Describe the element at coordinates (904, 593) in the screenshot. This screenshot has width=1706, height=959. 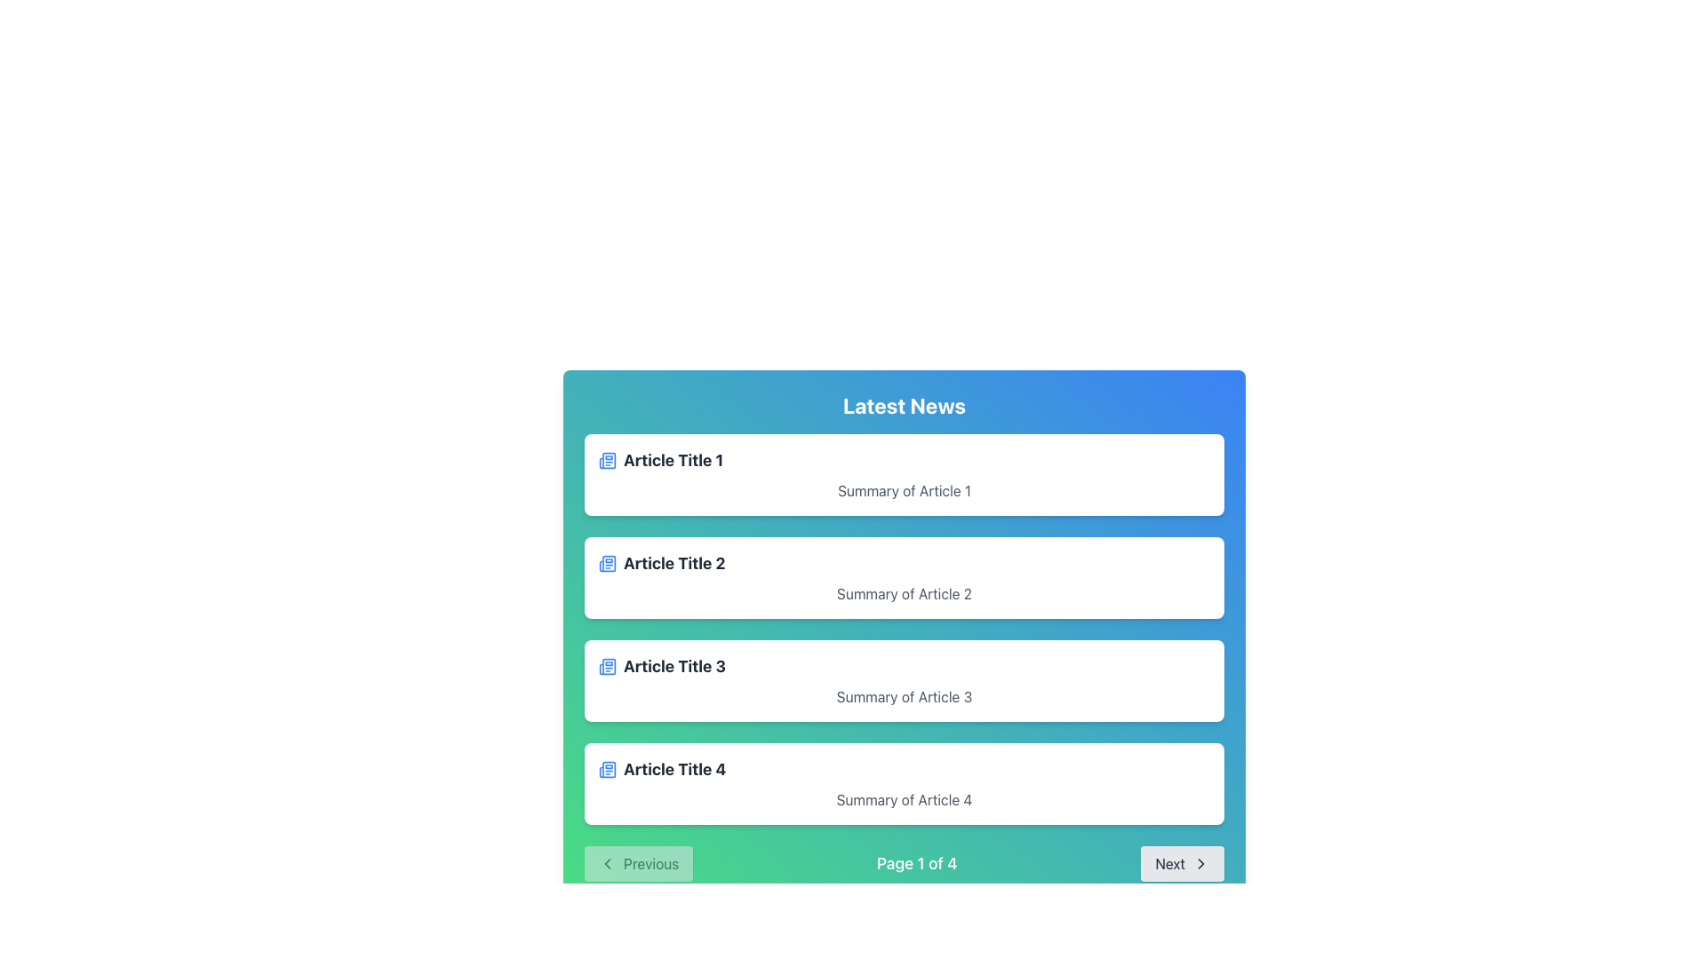
I see `text information from the 'Summary of Article 2' text label, which is styled in gray and located below the 'Article Title 2' within the second card of article summaries` at that location.